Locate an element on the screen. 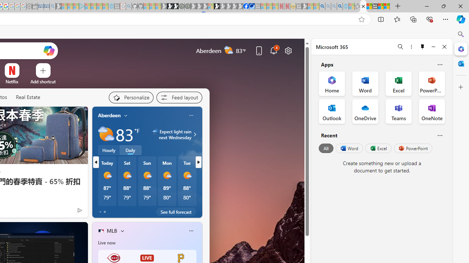  'Netflix' is located at coordinates (12, 81).